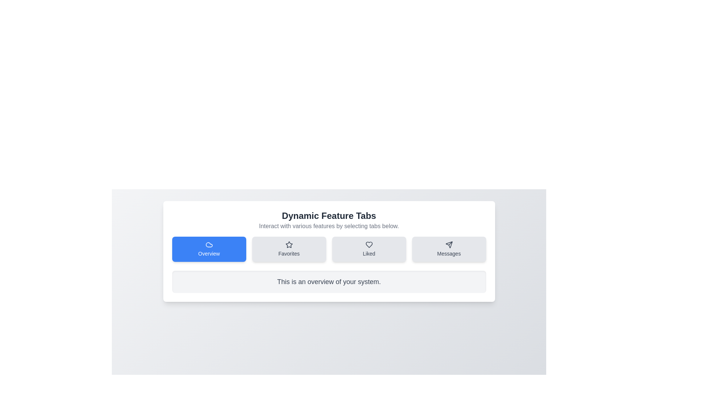 Image resolution: width=711 pixels, height=400 pixels. Describe the element at coordinates (448, 249) in the screenshot. I see `the fourth button in the 'Dynamic Feature Tabs' section, which is located to the right of the 'Liked' button` at that location.